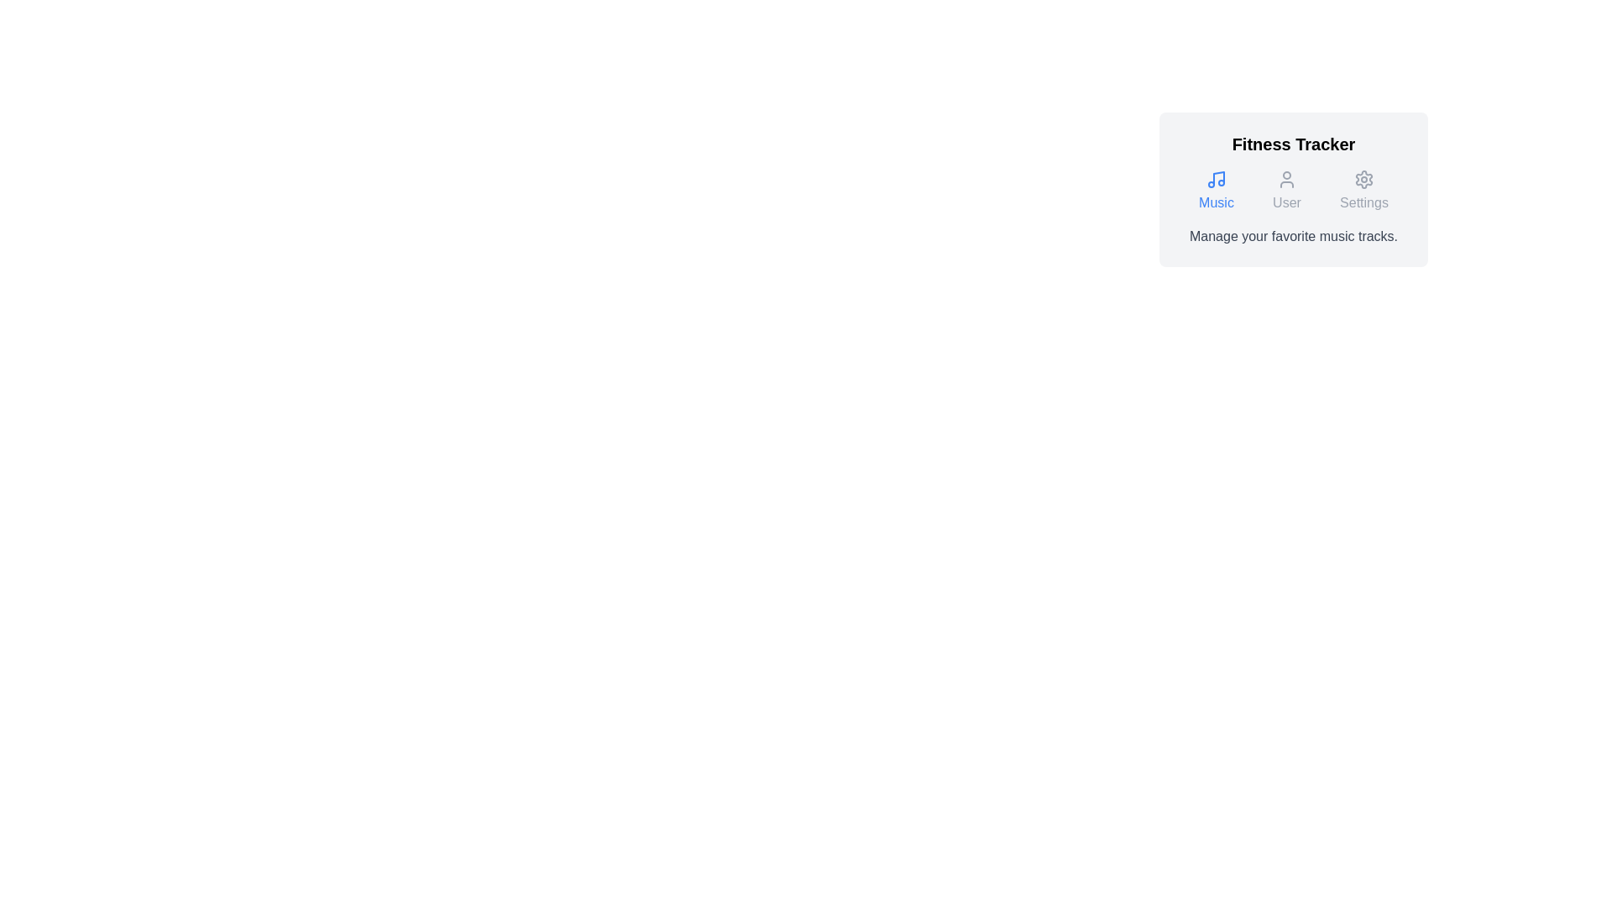 The width and height of the screenshot is (1612, 907). What do you see at coordinates (1217, 190) in the screenshot?
I see `the 'Music' button, which features a music note icon and is styled in blue` at bounding box center [1217, 190].